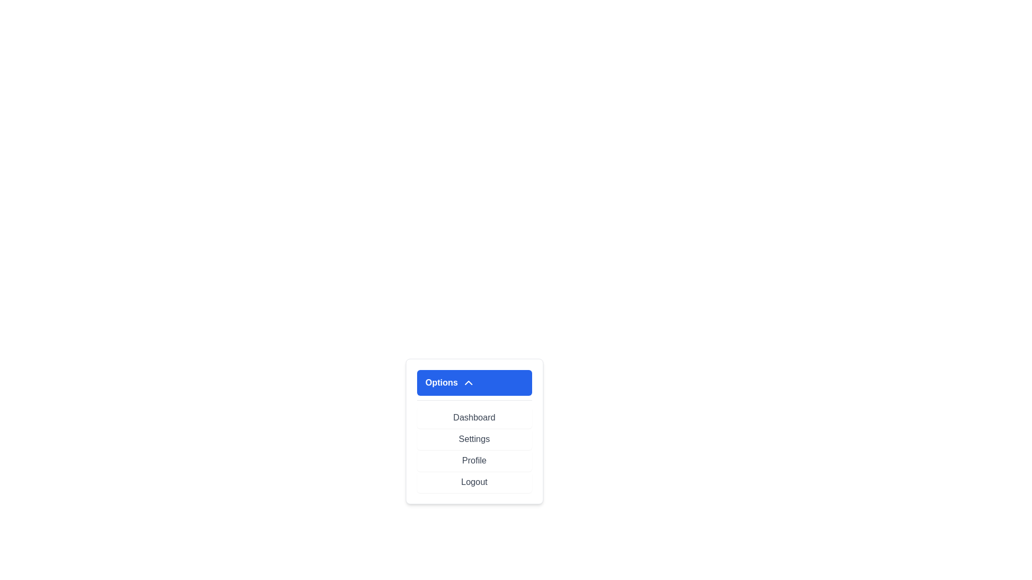 This screenshot has width=1032, height=580. What do you see at coordinates (474, 460) in the screenshot?
I see `the menu item Profile by clicking on it` at bounding box center [474, 460].